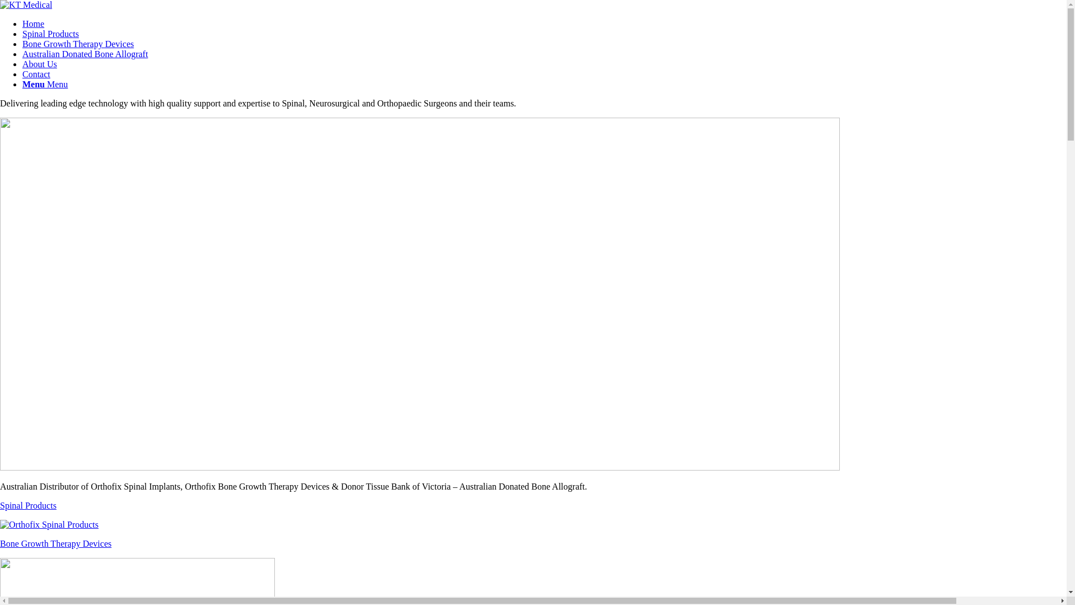 The width and height of the screenshot is (1075, 605). What do you see at coordinates (532, 515) in the screenshot?
I see `'Spinal Products'` at bounding box center [532, 515].